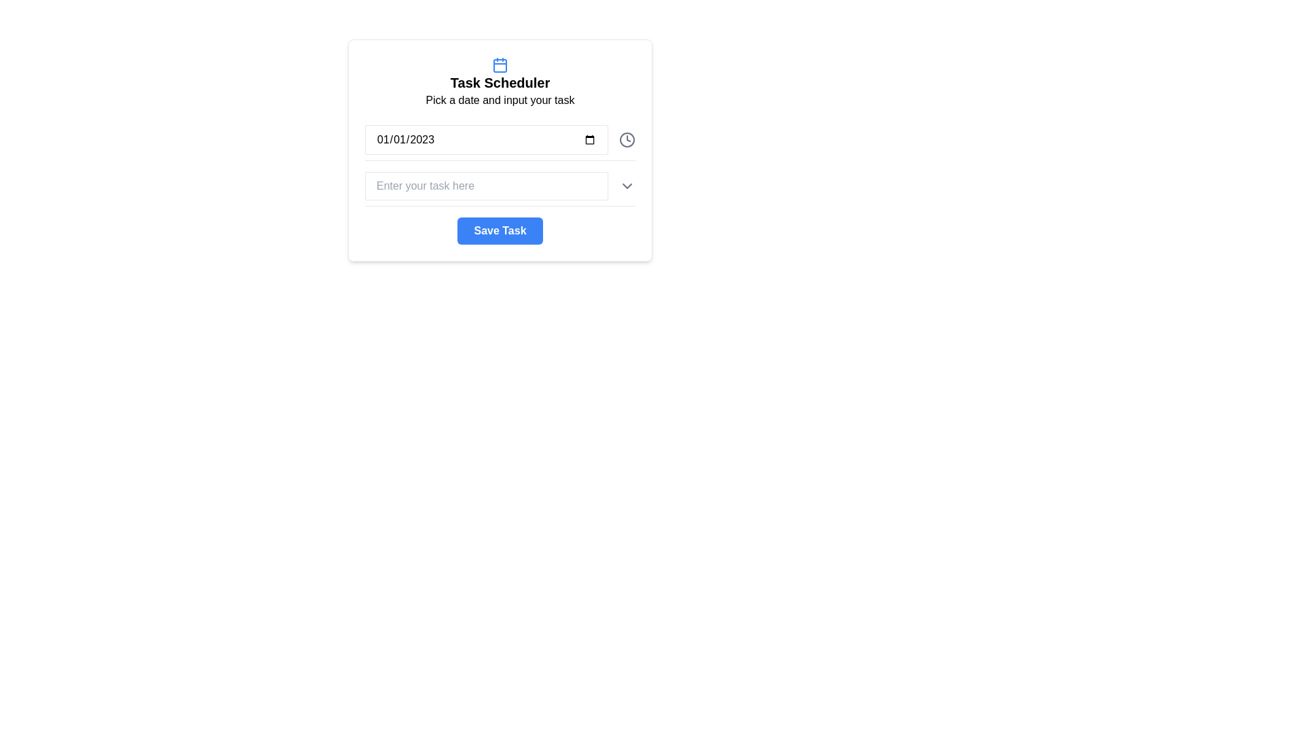 This screenshot has width=1305, height=734. I want to click on the central circle of the clock icon, which is part of the SVG graphic representation of the clock face, so click(626, 139).